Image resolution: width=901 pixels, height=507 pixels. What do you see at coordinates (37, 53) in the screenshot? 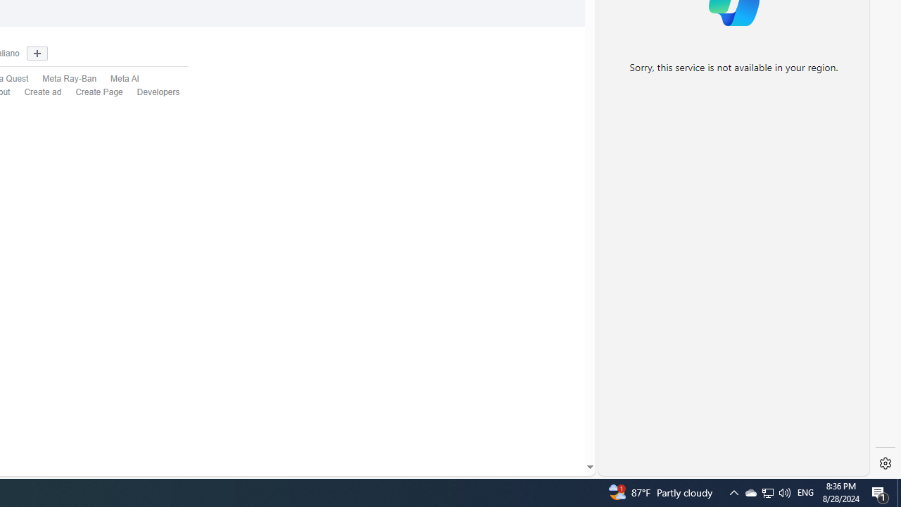
I see `'Show more languages'` at bounding box center [37, 53].